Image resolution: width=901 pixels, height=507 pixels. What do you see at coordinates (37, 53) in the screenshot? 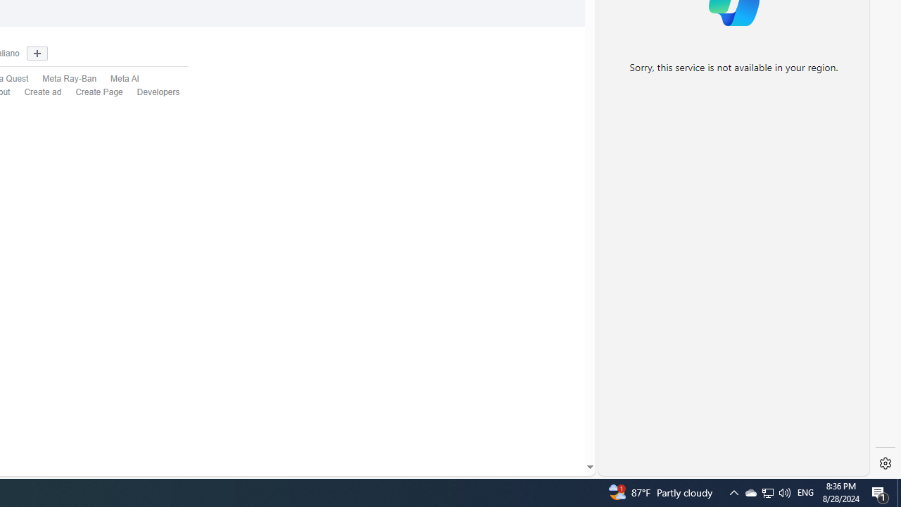
I see `'Show more languages'` at bounding box center [37, 53].